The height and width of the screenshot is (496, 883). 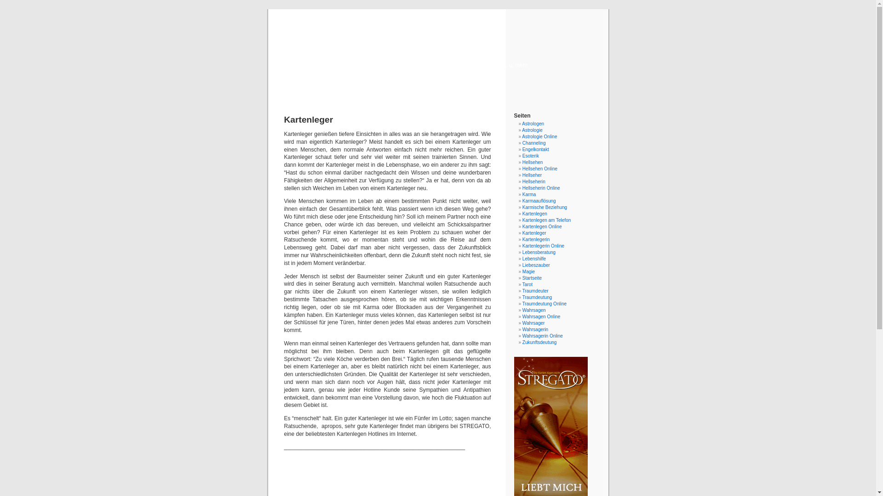 I want to click on 'Zukunftsdeutung', so click(x=539, y=342).